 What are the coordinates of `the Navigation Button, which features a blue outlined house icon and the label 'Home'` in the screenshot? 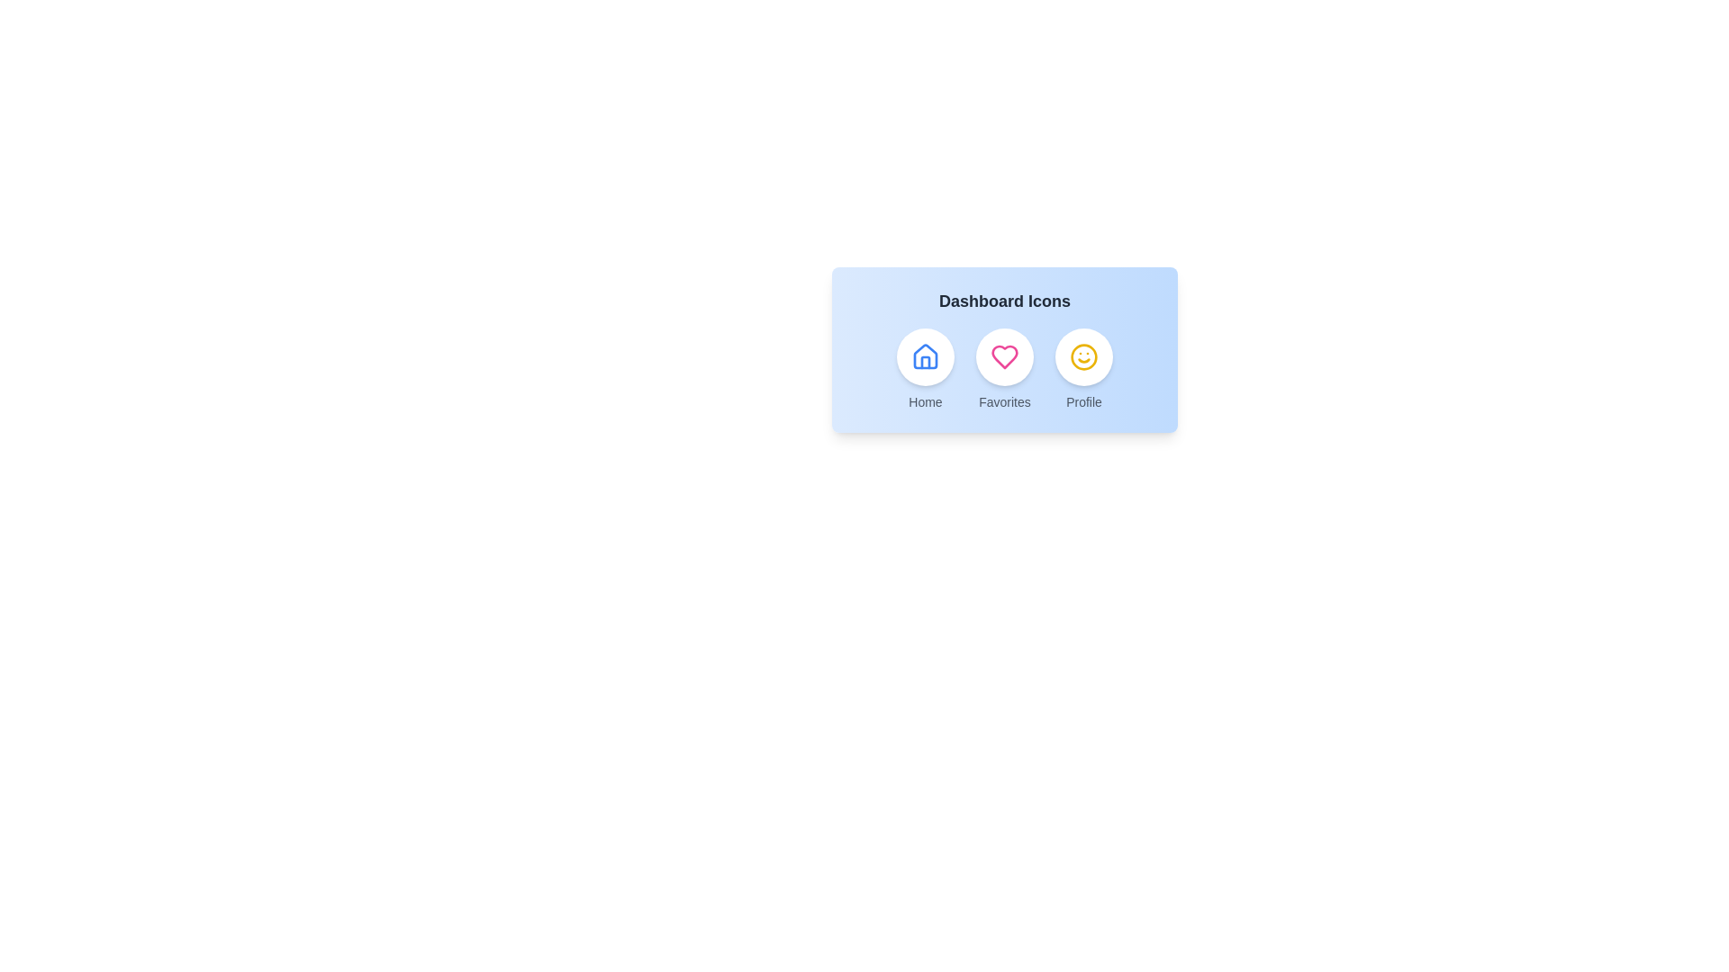 It's located at (925, 369).